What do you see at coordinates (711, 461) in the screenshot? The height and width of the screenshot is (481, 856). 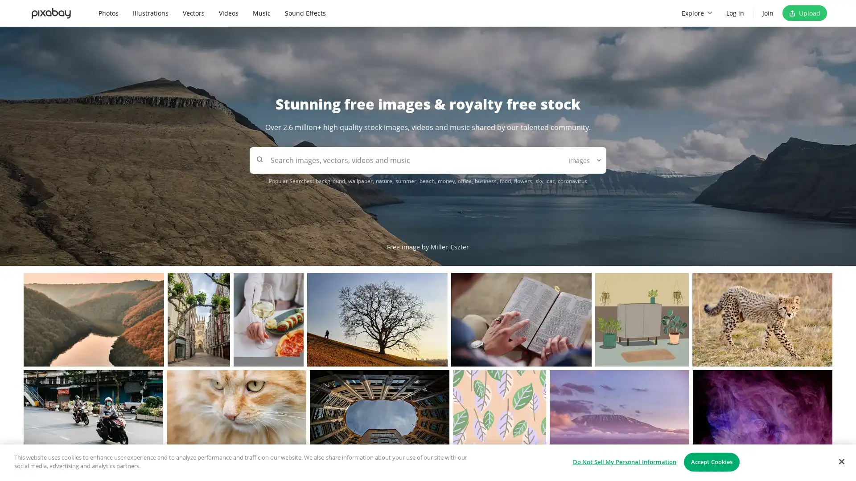 I see `Accept Cookies` at bounding box center [711, 461].